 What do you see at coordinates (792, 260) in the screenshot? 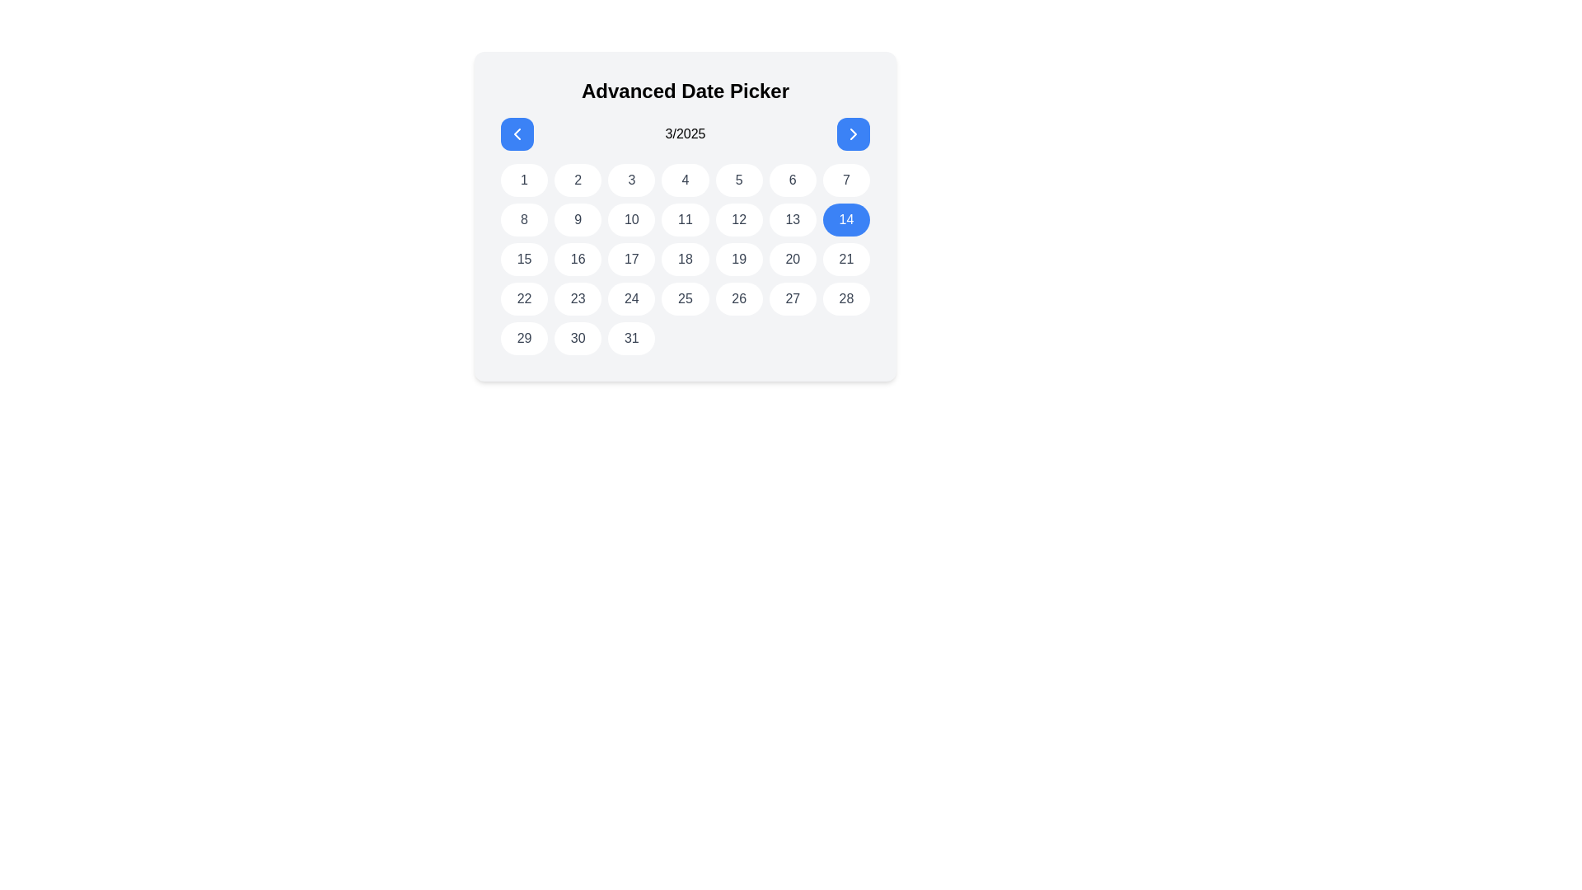
I see `the selectable day button in the calendar, which is the sixth item in the fourth row of a 7-column grid` at bounding box center [792, 260].